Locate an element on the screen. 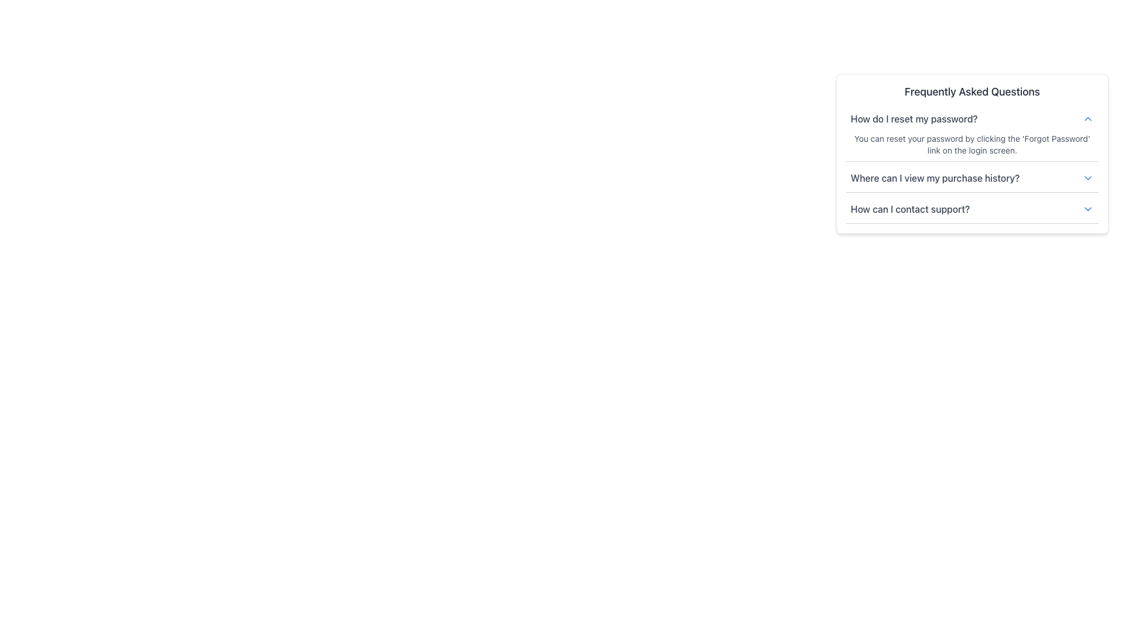  the collapsible FAQ item titled 'How to reset my password' is located at coordinates (972, 166).